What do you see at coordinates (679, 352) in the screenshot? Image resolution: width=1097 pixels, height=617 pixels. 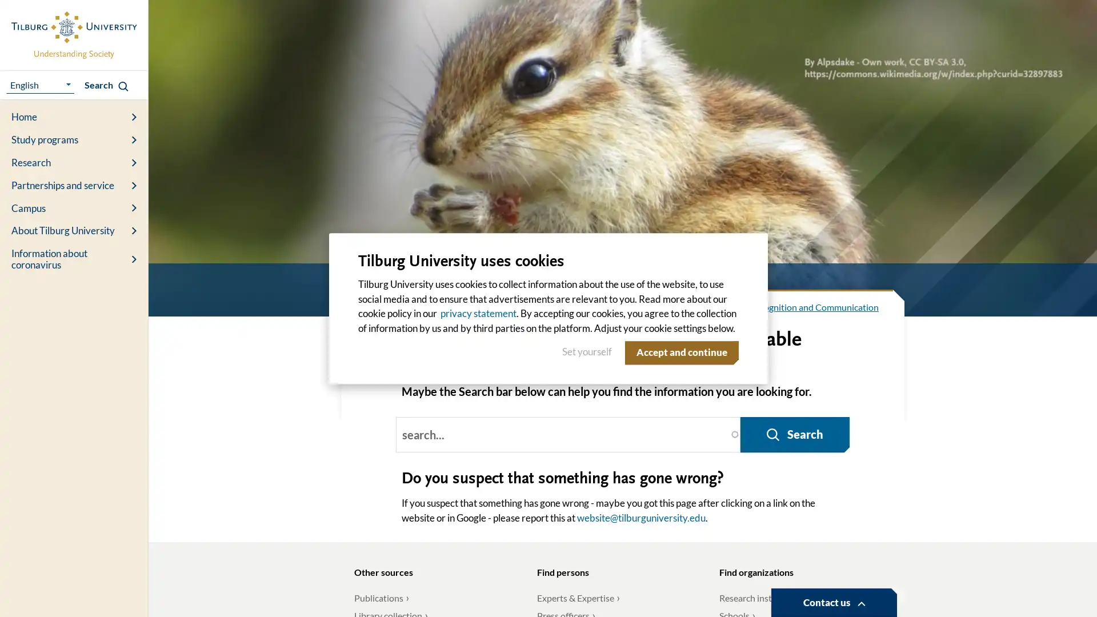 I see `Accept and continue` at bounding box center [679, 352].